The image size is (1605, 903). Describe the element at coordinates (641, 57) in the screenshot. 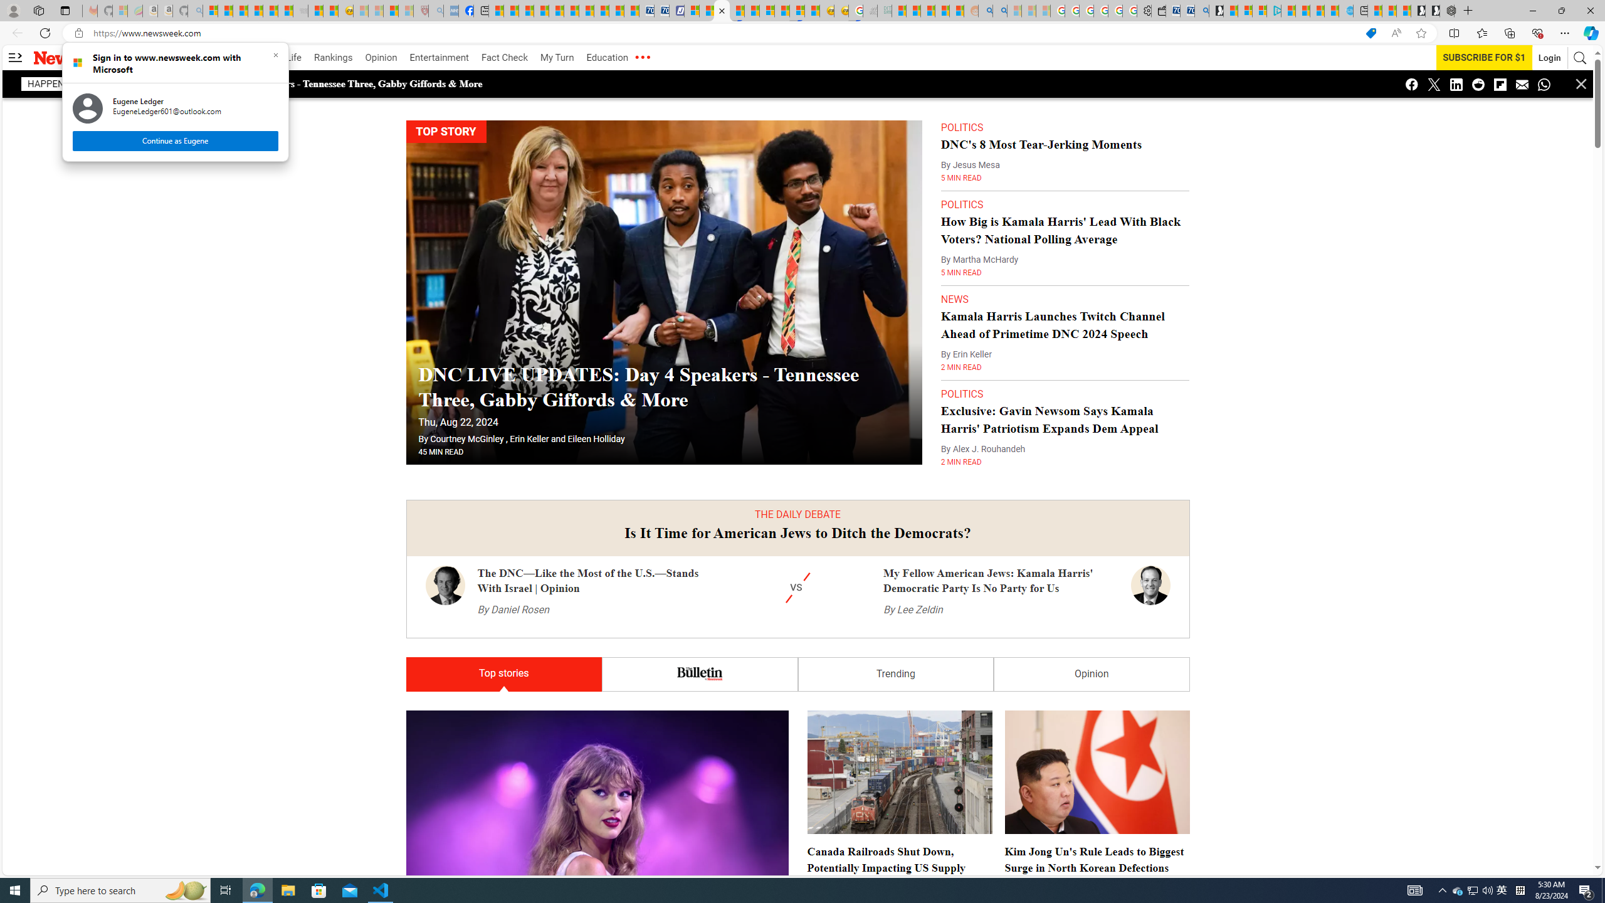

I see `'AutomationID: moreOptions'` at that location.